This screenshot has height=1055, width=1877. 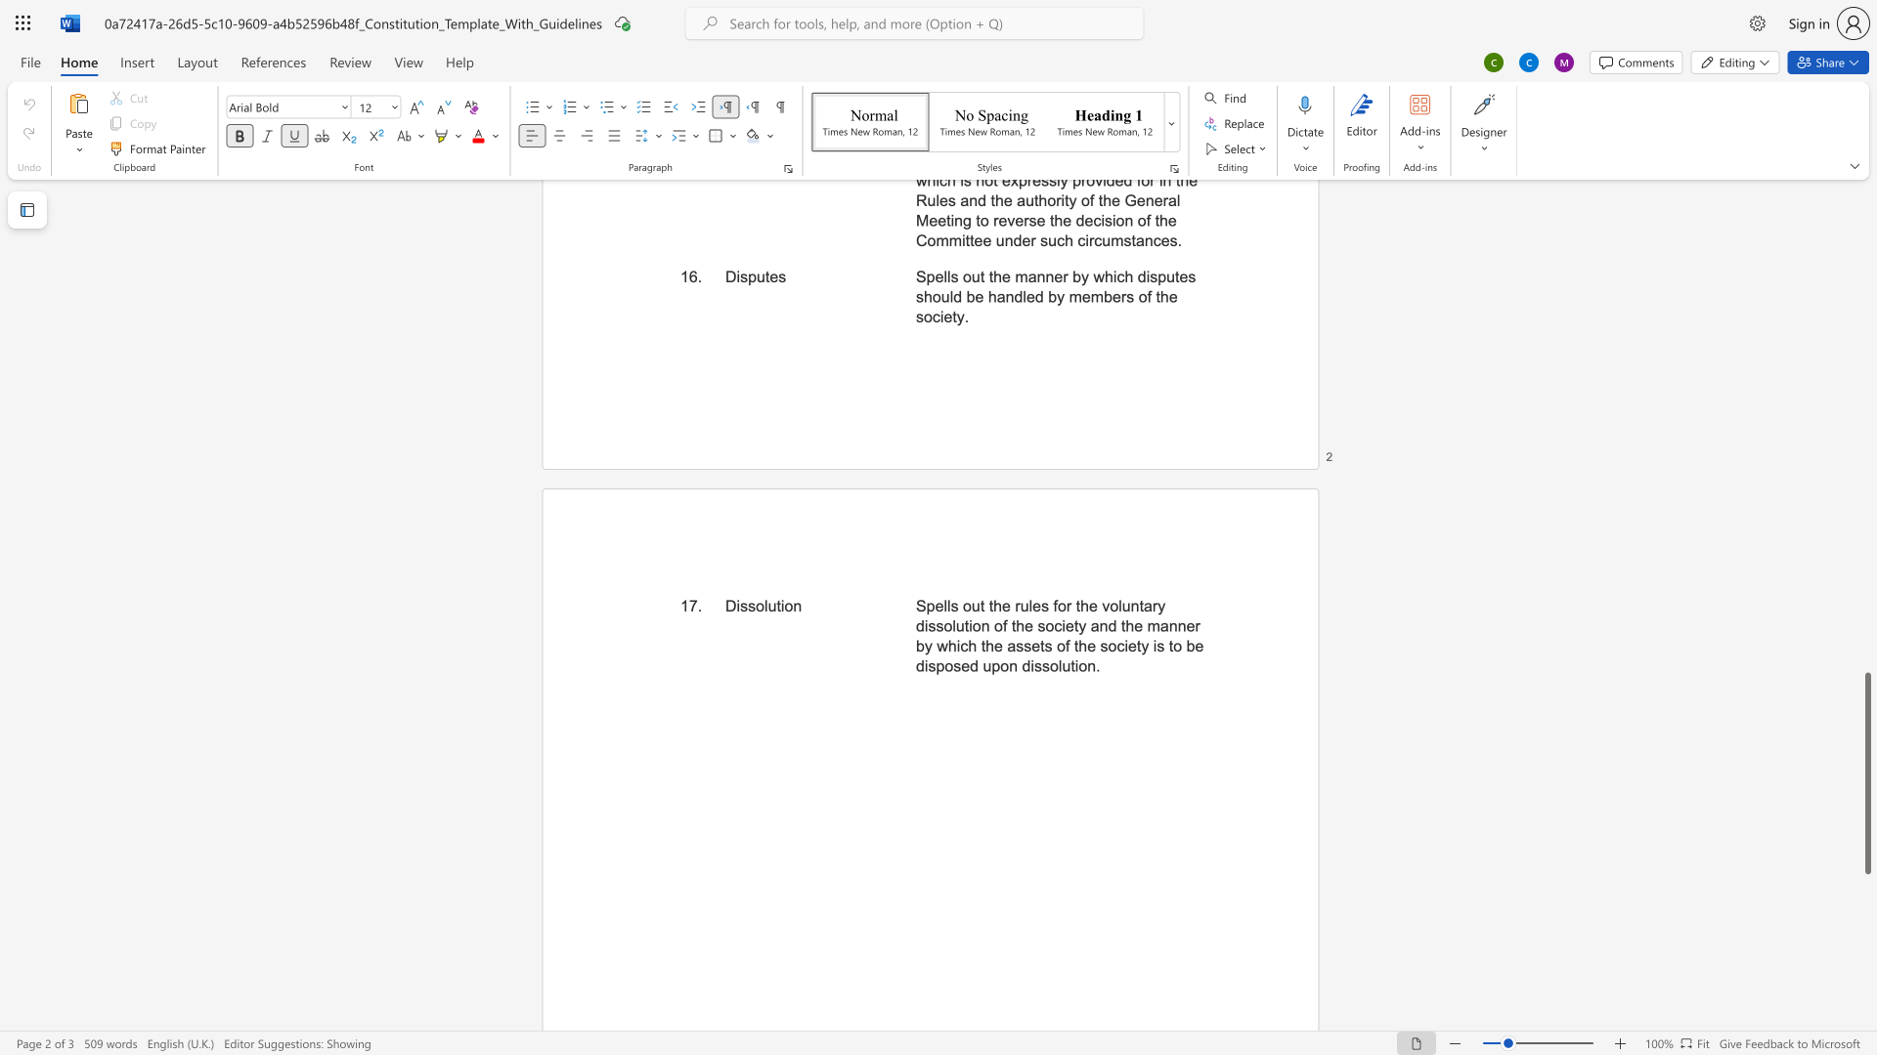 What do you see at coordinates (1866, 644) in the screenshot?
I see `the side scrollbar to bring the page up` at bounding box center [1866, 644].